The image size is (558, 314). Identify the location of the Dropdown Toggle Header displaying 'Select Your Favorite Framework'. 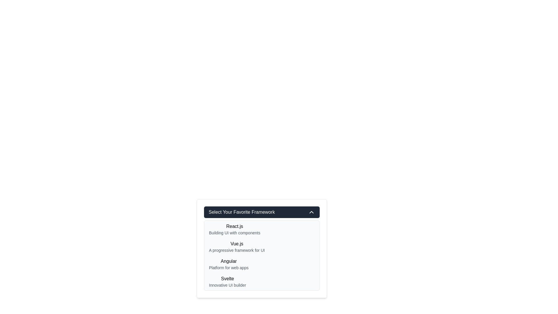
(262, 212).